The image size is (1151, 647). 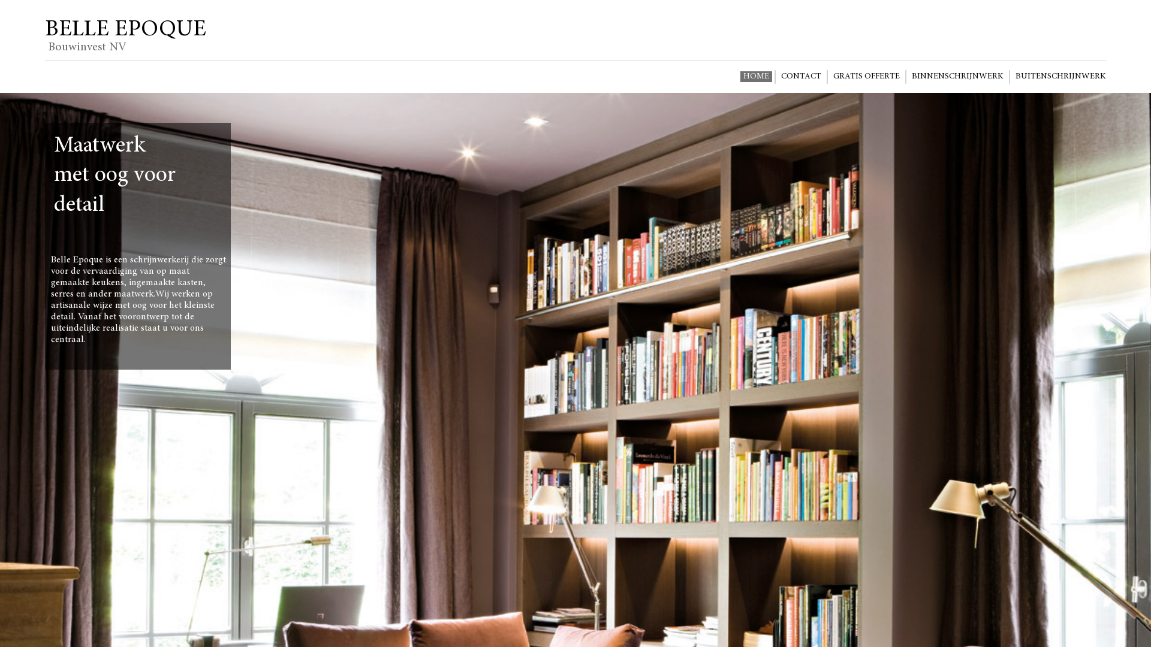 I want to click on 'BINNENSCHRIJNWERK', so click(x=957, y=76).